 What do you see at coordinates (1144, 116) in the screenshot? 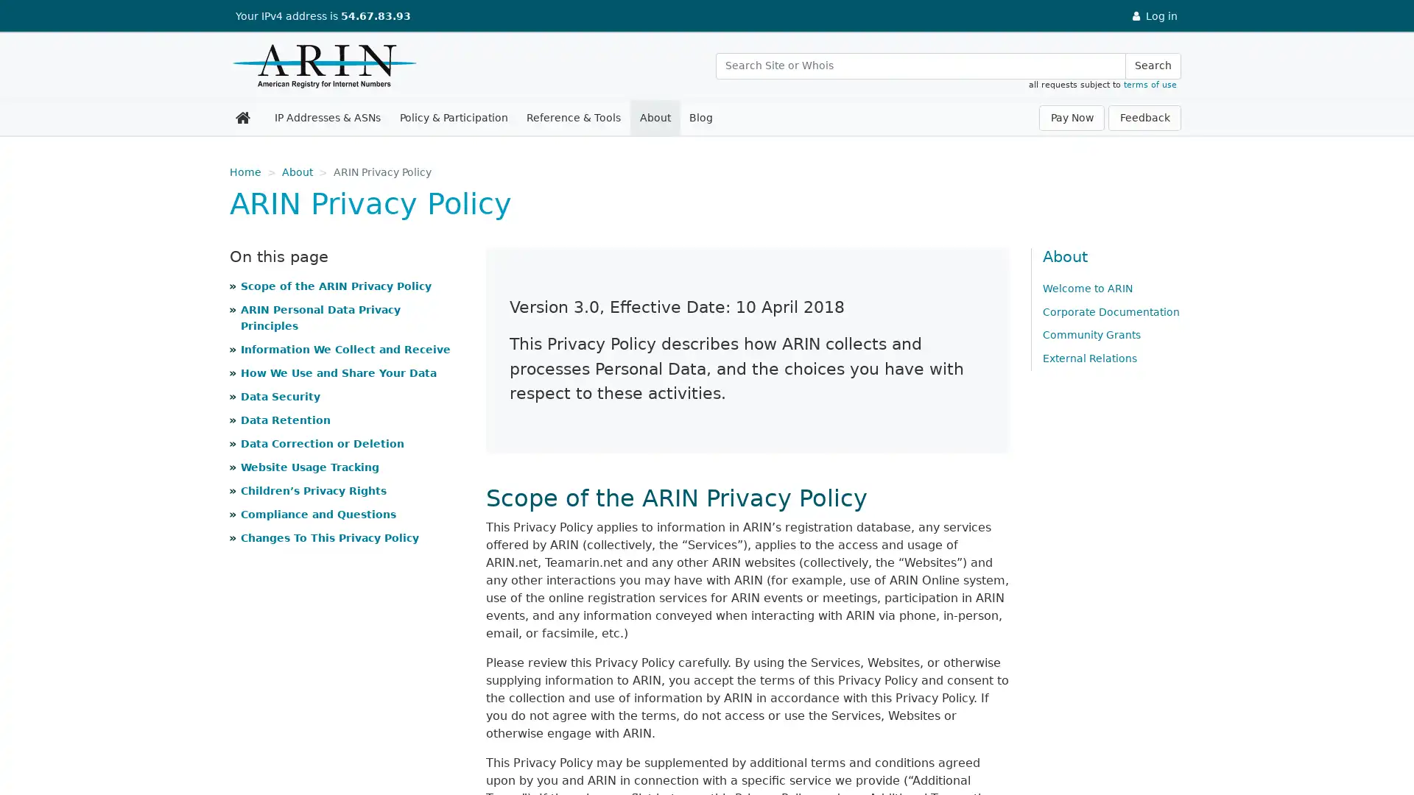
I see `Feedback` at bounding box center [1144, 116].